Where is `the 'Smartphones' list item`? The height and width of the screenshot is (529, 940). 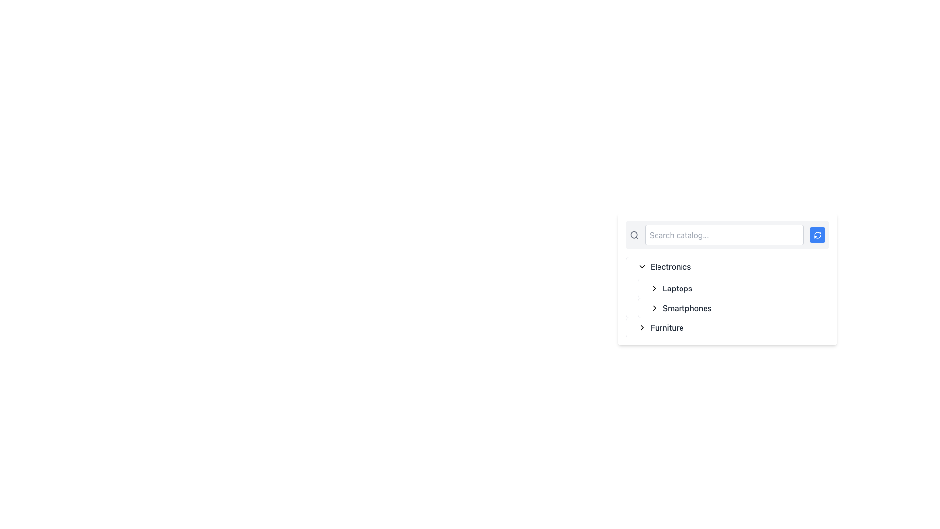
the 'Smartphones' list item is located at coordinates (738, 307).